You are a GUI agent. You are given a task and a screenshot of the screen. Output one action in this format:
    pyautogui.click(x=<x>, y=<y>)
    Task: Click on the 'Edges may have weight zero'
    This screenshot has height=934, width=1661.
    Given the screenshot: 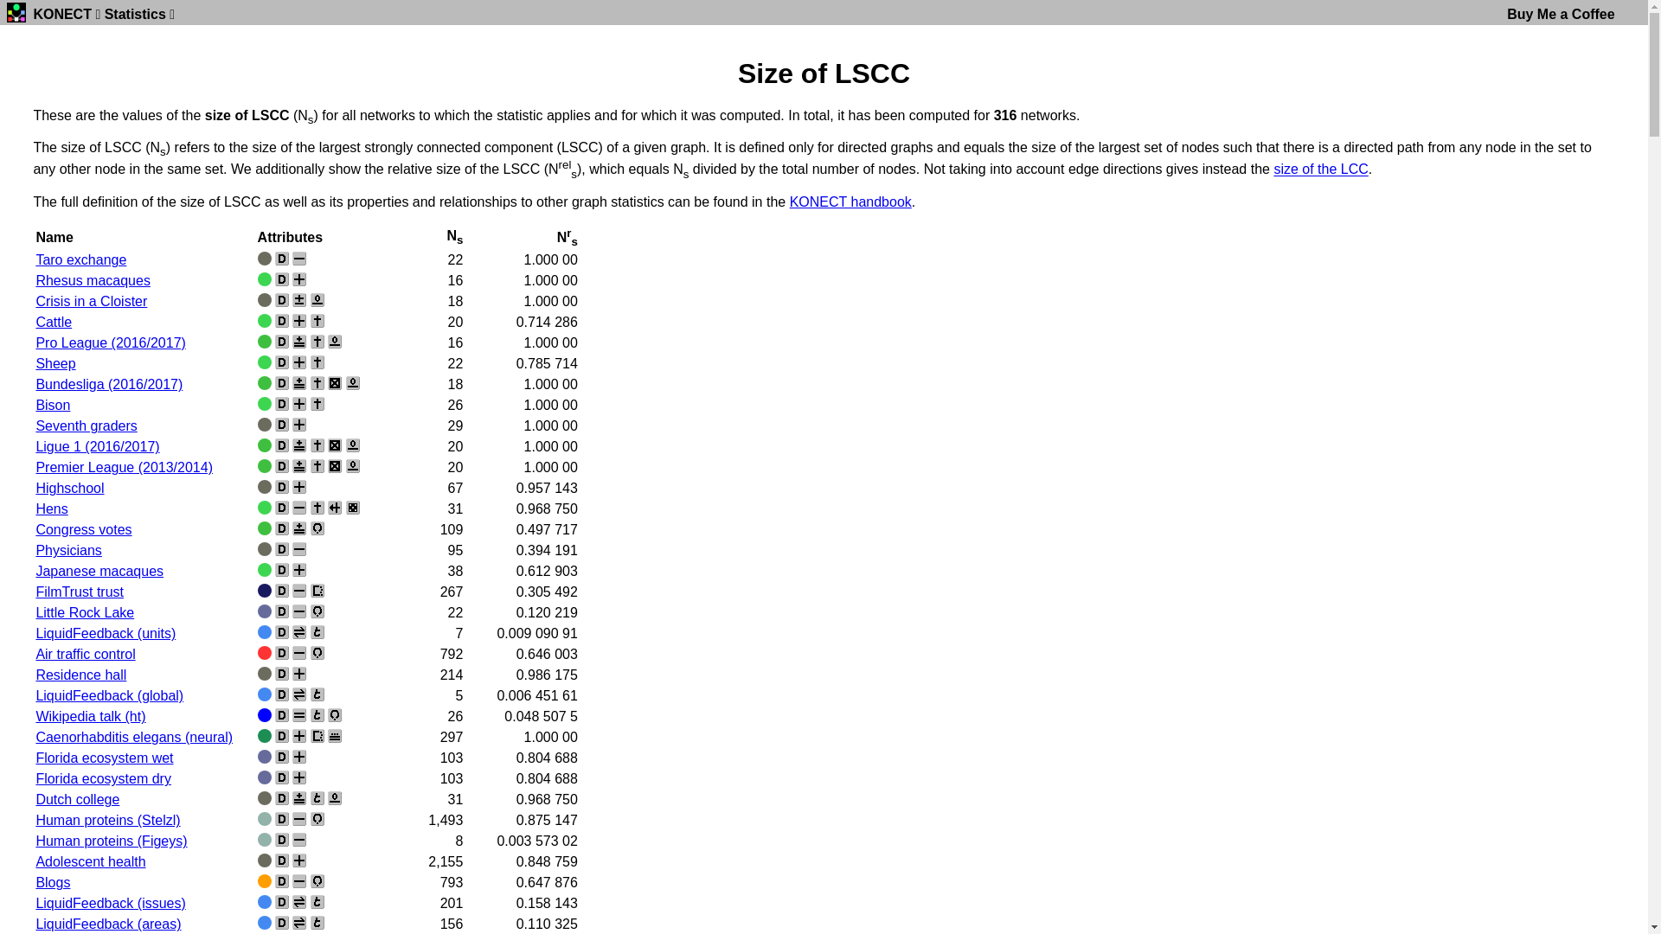 What is the action you would take?
    pyautogui.click(x=317, y=299)
    